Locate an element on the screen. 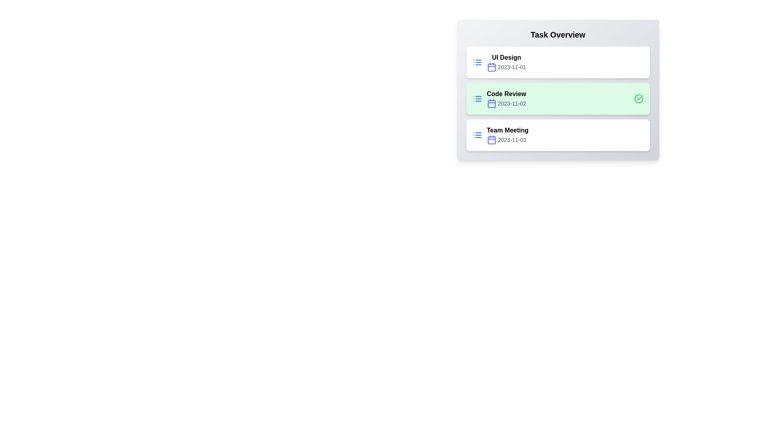 This screenshot has width=759, height=427. the task UI Design to edit its details is located at coordinates (499, 62).